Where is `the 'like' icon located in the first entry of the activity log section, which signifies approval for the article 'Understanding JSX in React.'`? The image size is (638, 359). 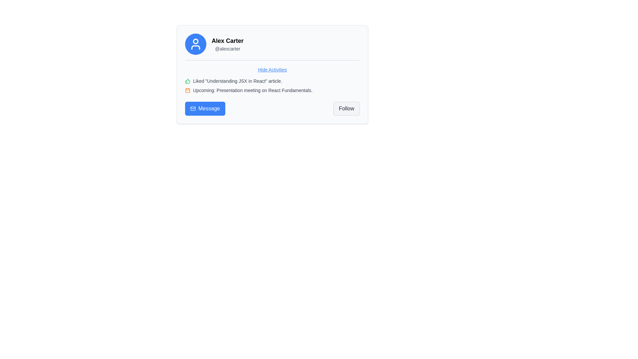
the 'like' icon located in the first entry of the activity log section, which signifies approval for the article 'Understanding JSX in React.' is located at coordinates (187, 80).